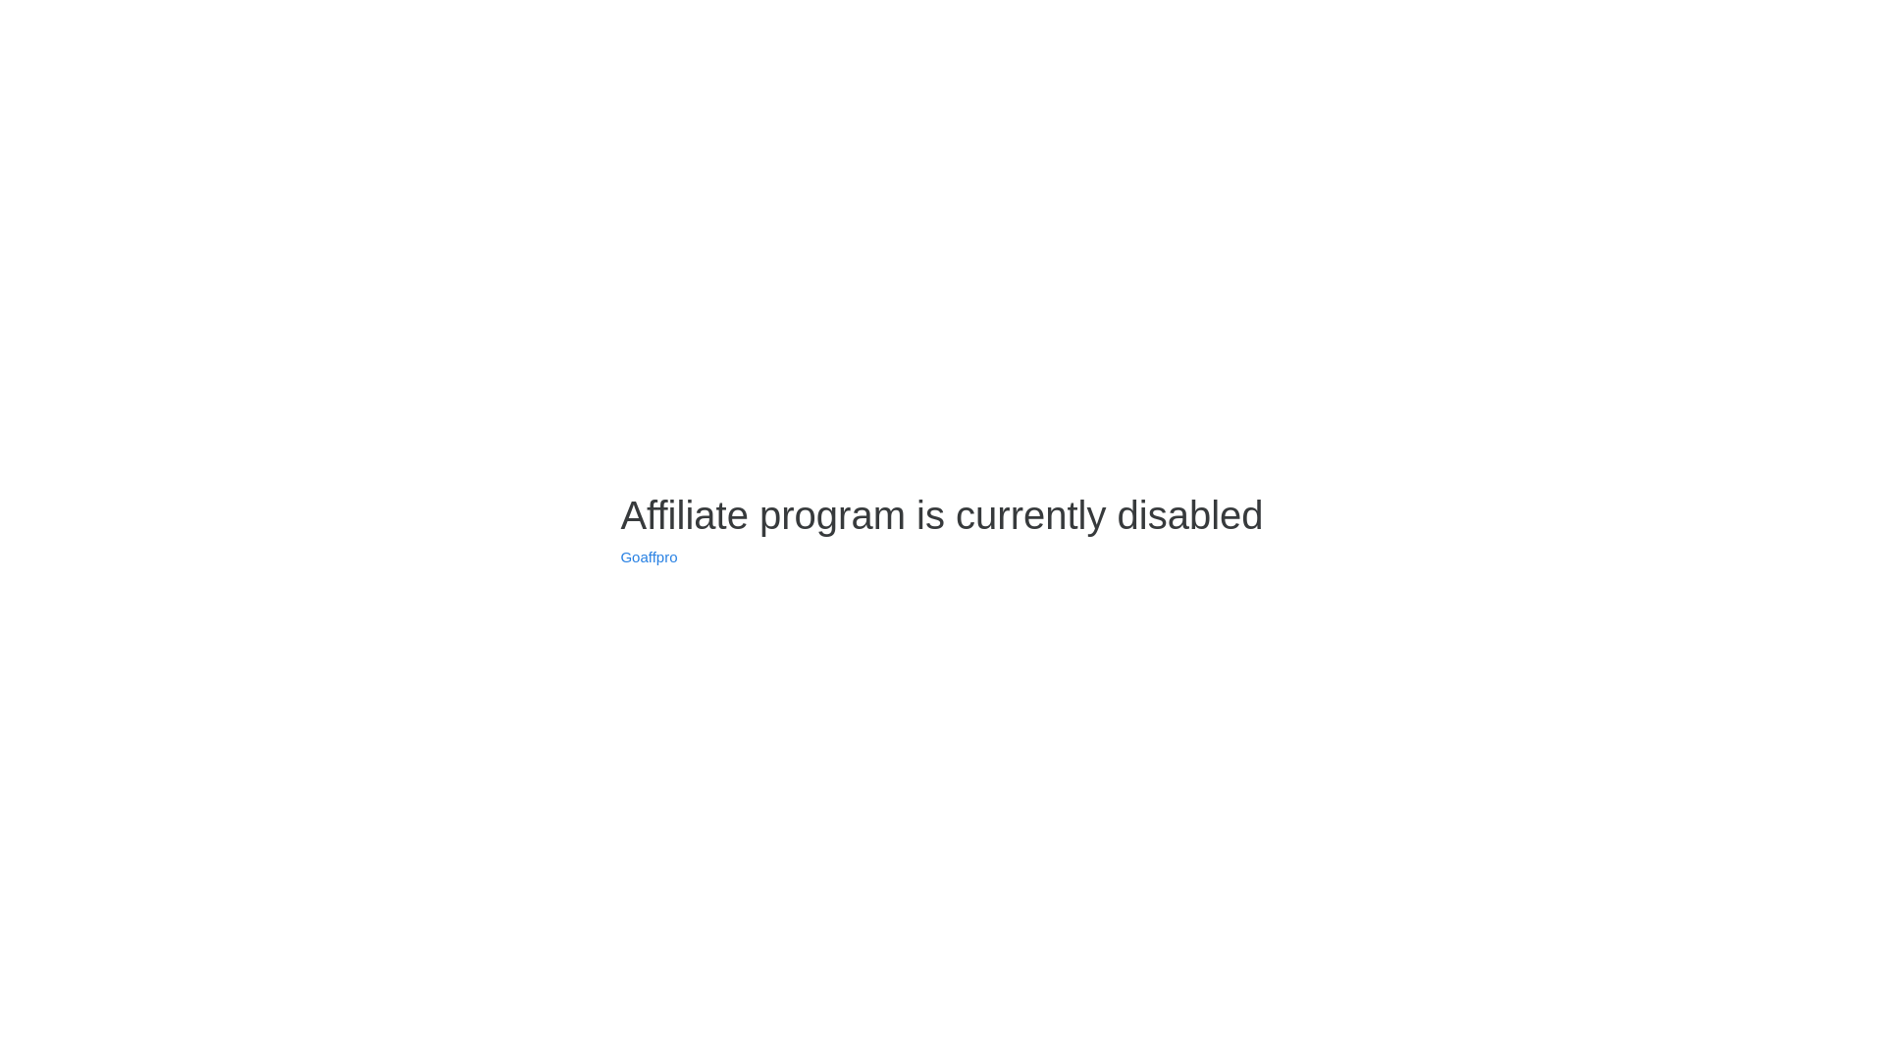 Image resolution: width=1884 pixels, height=1060 pixels. Describe the element at coordinates (649, 556) in the screenshot. I see `'Goaffpro'` at that location.